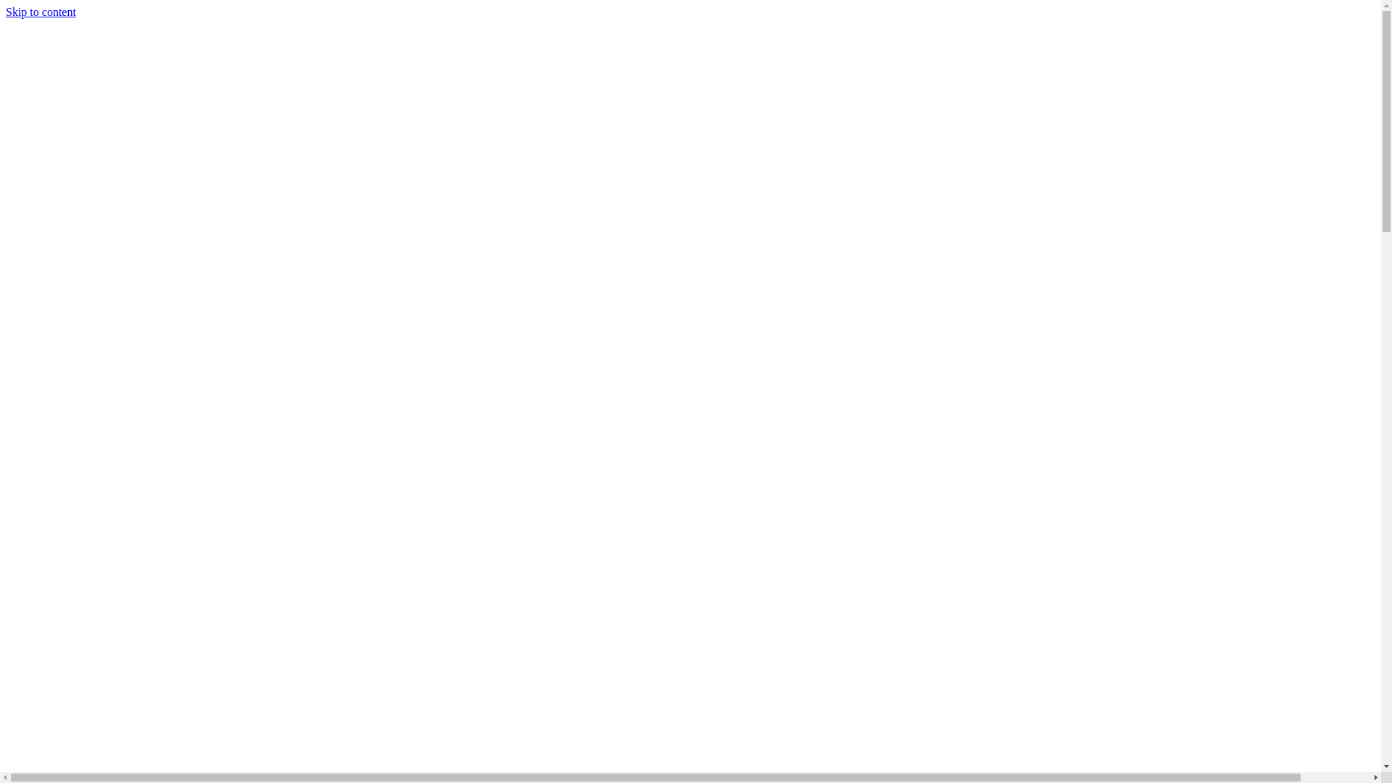 The image size is (1392, 783). What do you see at coordinates (41, 12) in the screenshot?
I see `'Skip to content'` at bounding box center [41, 12].